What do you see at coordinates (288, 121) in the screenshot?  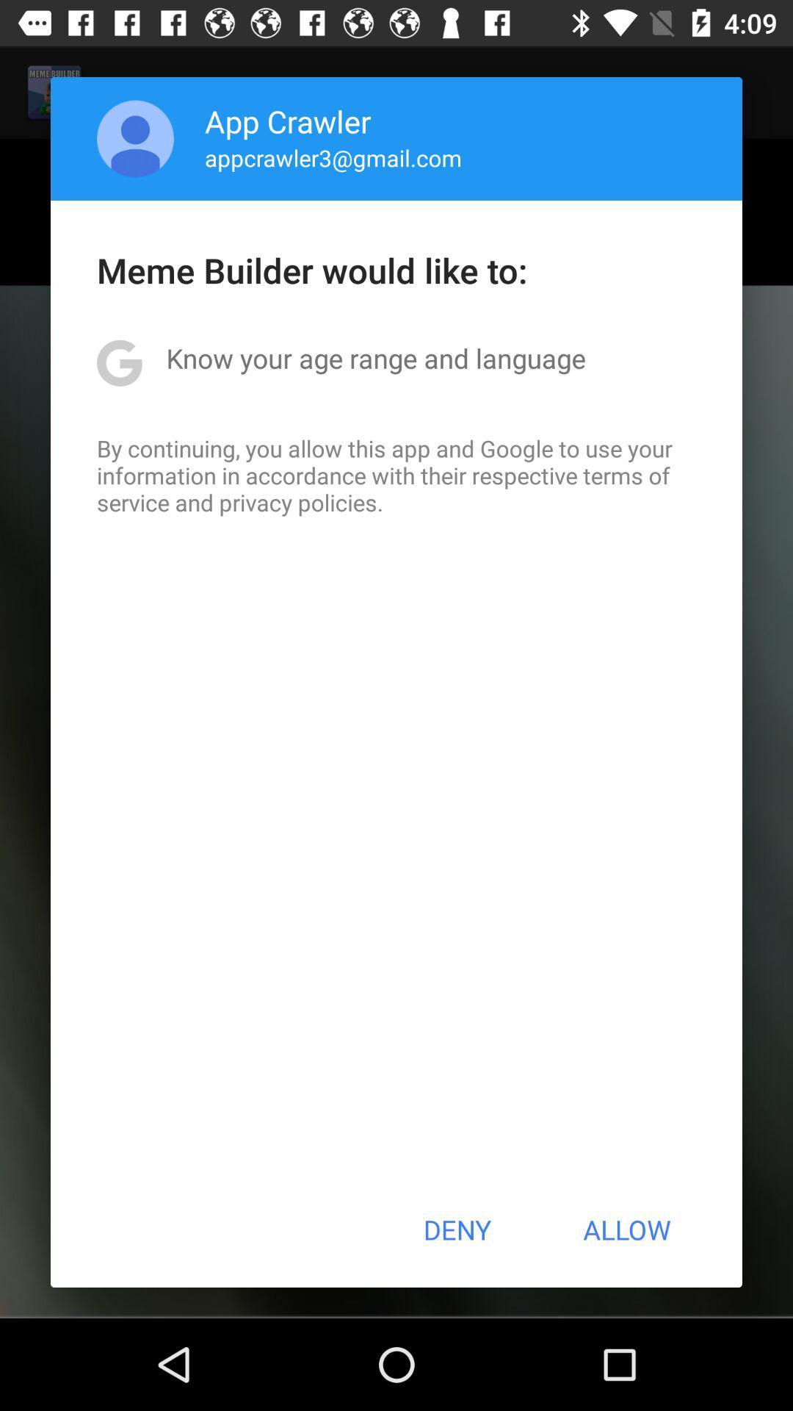 I see `app crawler app` at bounding box center [288, 121].